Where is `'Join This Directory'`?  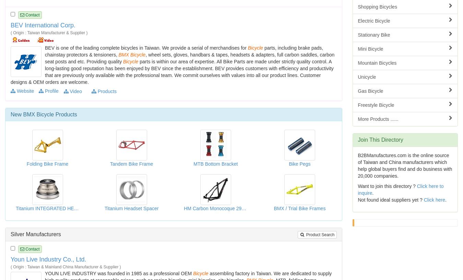 'Join This Directory' is located at coordinates (380, 140).